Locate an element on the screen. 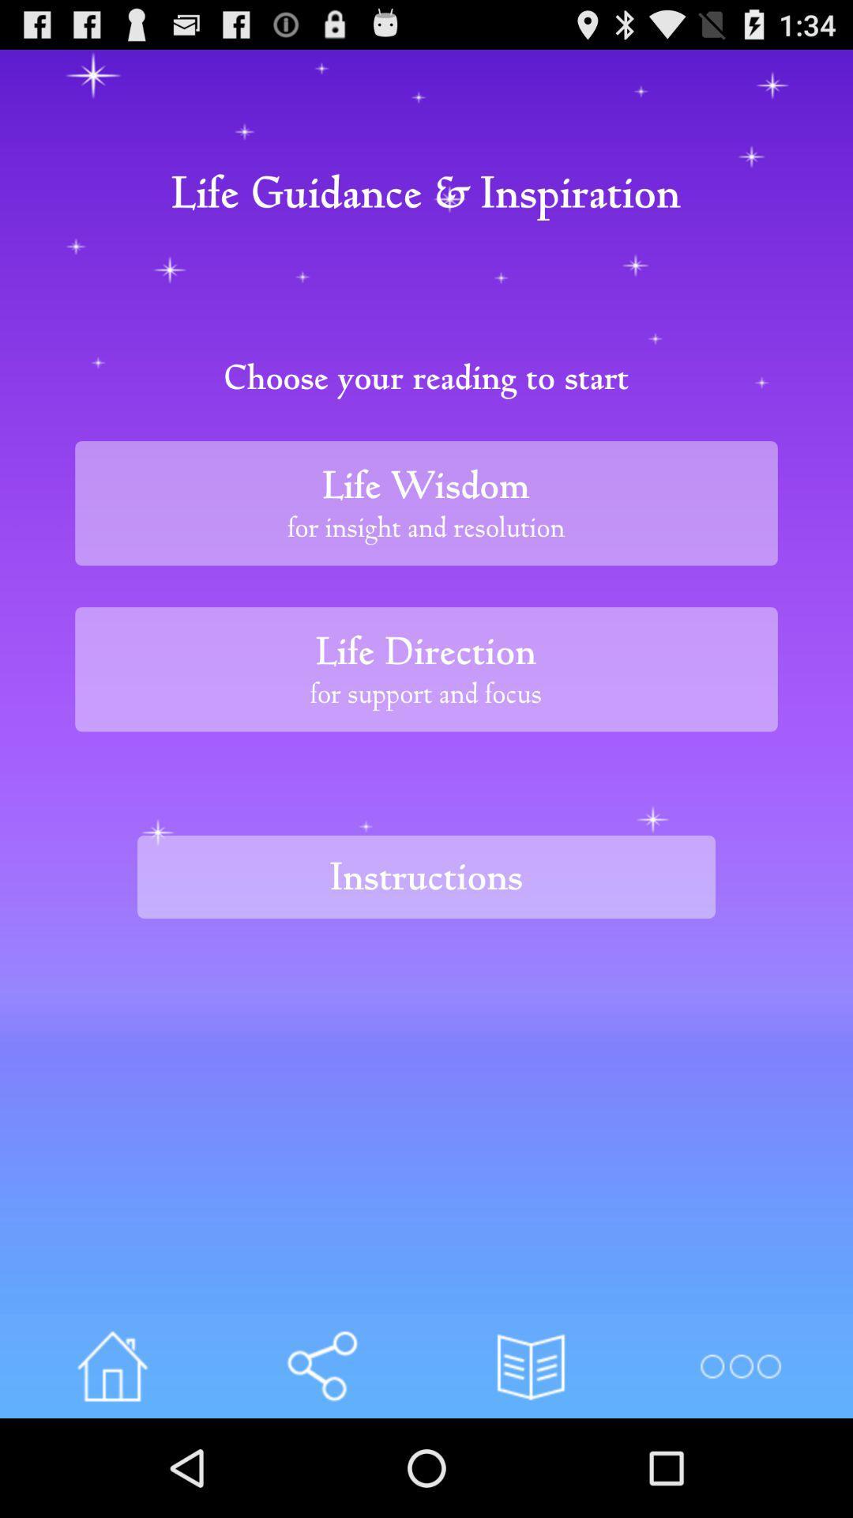 This screenshot has height=1518, width=853. options is located at coordinates (740, 1365).